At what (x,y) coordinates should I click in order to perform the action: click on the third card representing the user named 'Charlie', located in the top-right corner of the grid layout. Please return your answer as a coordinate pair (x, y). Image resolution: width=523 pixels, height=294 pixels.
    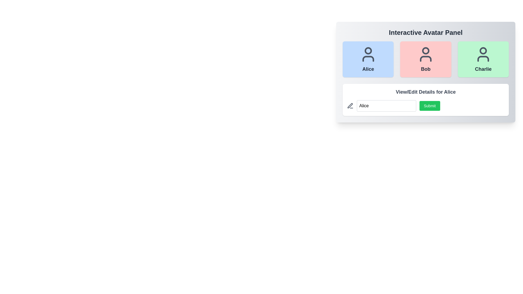
    Looking at the image, I should click on (483, 59).